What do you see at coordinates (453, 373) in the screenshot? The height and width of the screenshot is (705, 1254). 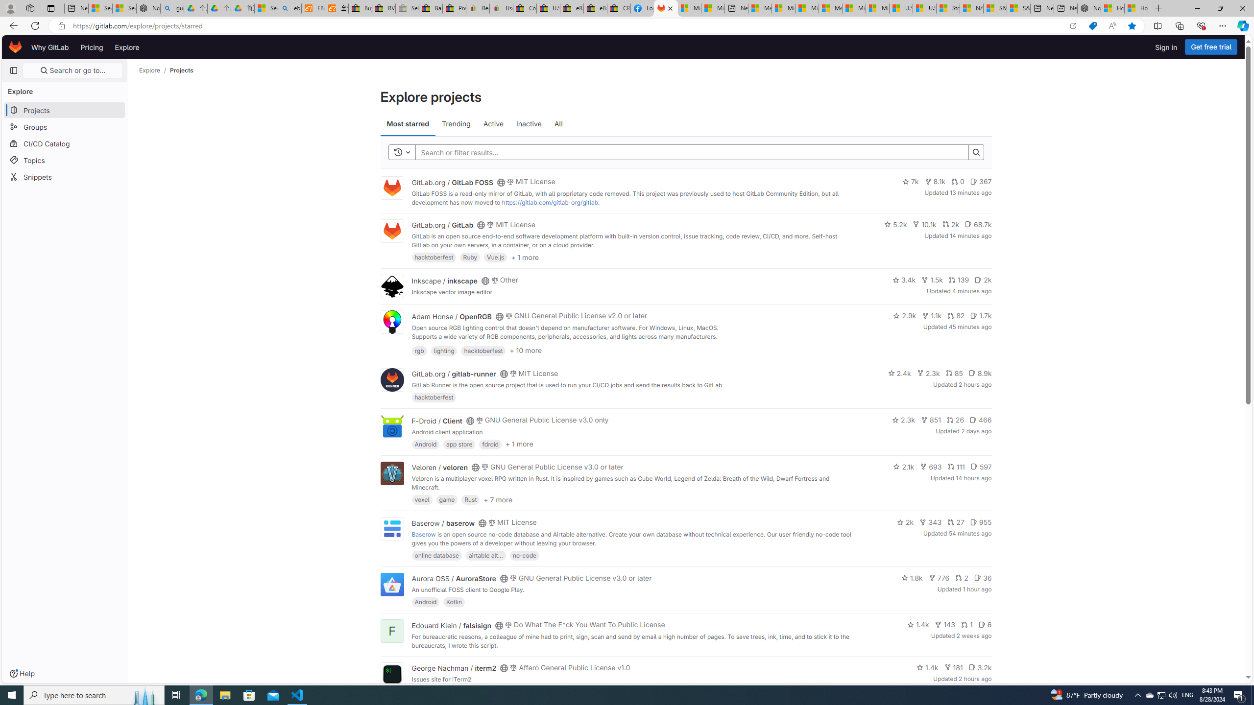 I see `'GitLab.org / gitlab-runner'` at bounding box center [453, 373].